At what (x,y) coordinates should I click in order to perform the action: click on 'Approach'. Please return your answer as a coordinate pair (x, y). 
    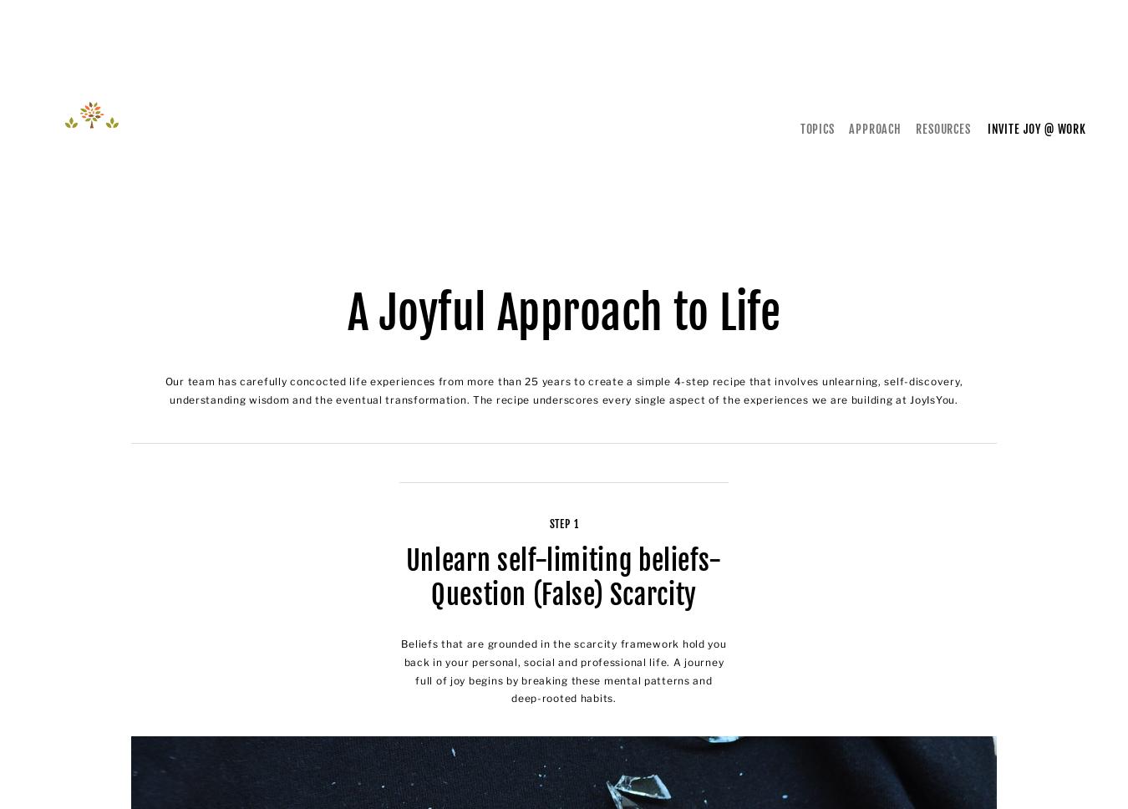
    Looking at the image, I should click on (875, 128).